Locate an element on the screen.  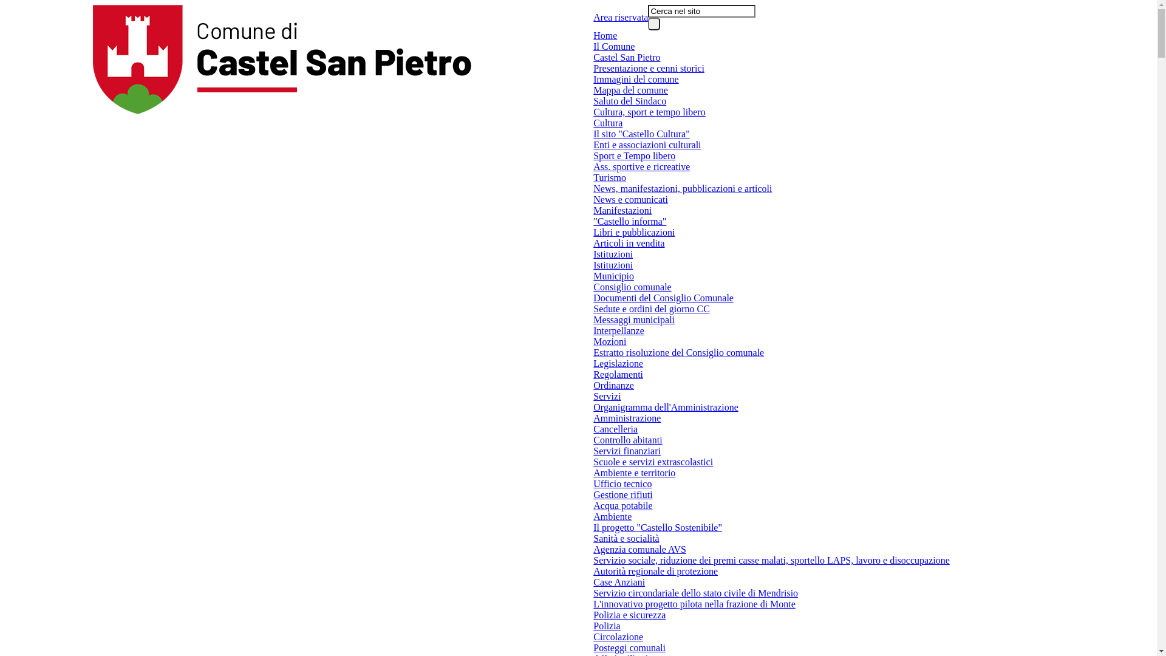
'Sedute e ordini del giorno CC' is located at coordinates (651, 309).